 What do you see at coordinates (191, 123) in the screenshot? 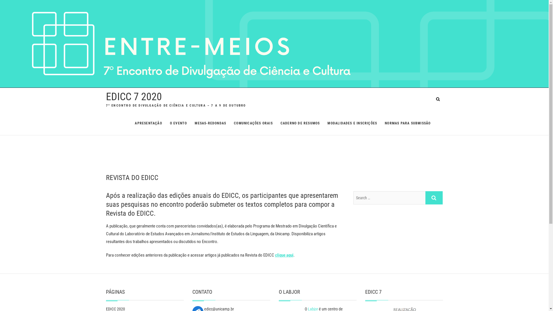
I see `'MESAS-REDONDAS'` at bounding box center [191, 123].